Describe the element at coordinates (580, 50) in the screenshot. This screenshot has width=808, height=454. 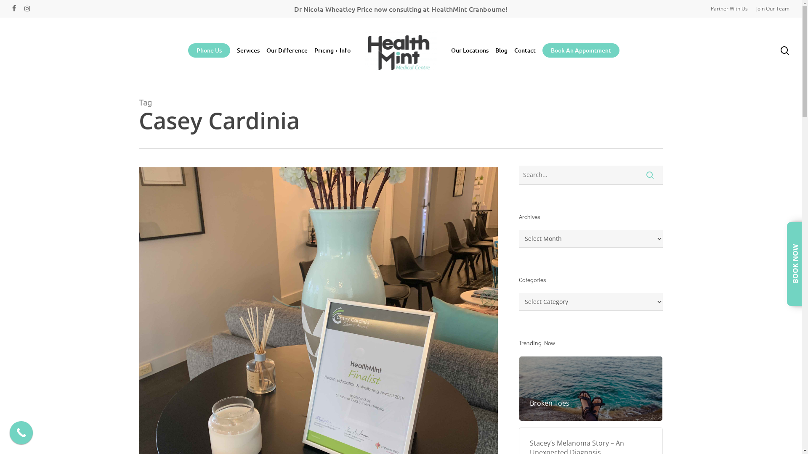
I see `'Book An Appointment'` at that location.